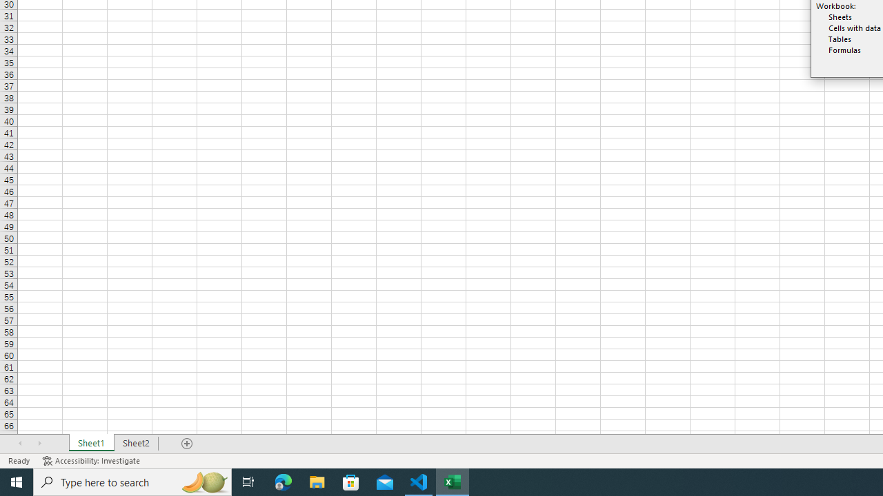 This screenshot has height=496, width=883. Describe the element at coordinates (317, 481) in the screenshot. I see `'File Explorer'` at that location.